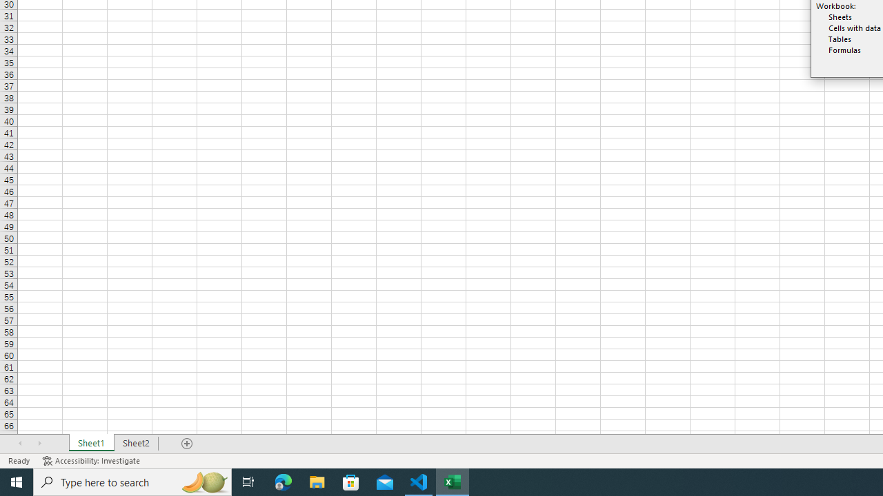 This screenshot has height=496, width=883. Describe the element at coordinates (317, 481) in the screenshot. I see `'File Explorer'` at that location.